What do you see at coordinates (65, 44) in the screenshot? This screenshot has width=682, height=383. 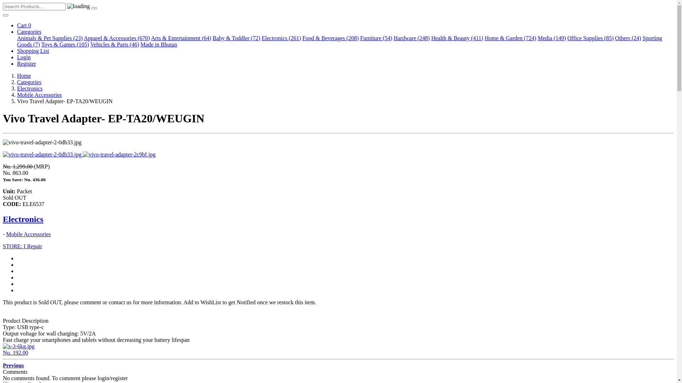 I see `'Toys & Games (105)'` at bounding box center [65, 44].